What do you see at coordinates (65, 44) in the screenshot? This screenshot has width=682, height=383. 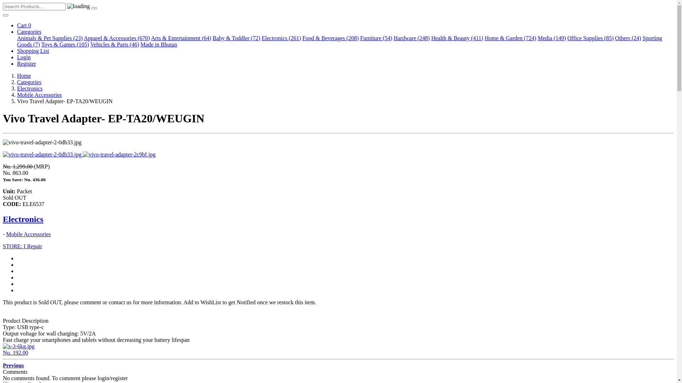 I see `'Toys & Games (105)'` at bounding box center [65, 44].